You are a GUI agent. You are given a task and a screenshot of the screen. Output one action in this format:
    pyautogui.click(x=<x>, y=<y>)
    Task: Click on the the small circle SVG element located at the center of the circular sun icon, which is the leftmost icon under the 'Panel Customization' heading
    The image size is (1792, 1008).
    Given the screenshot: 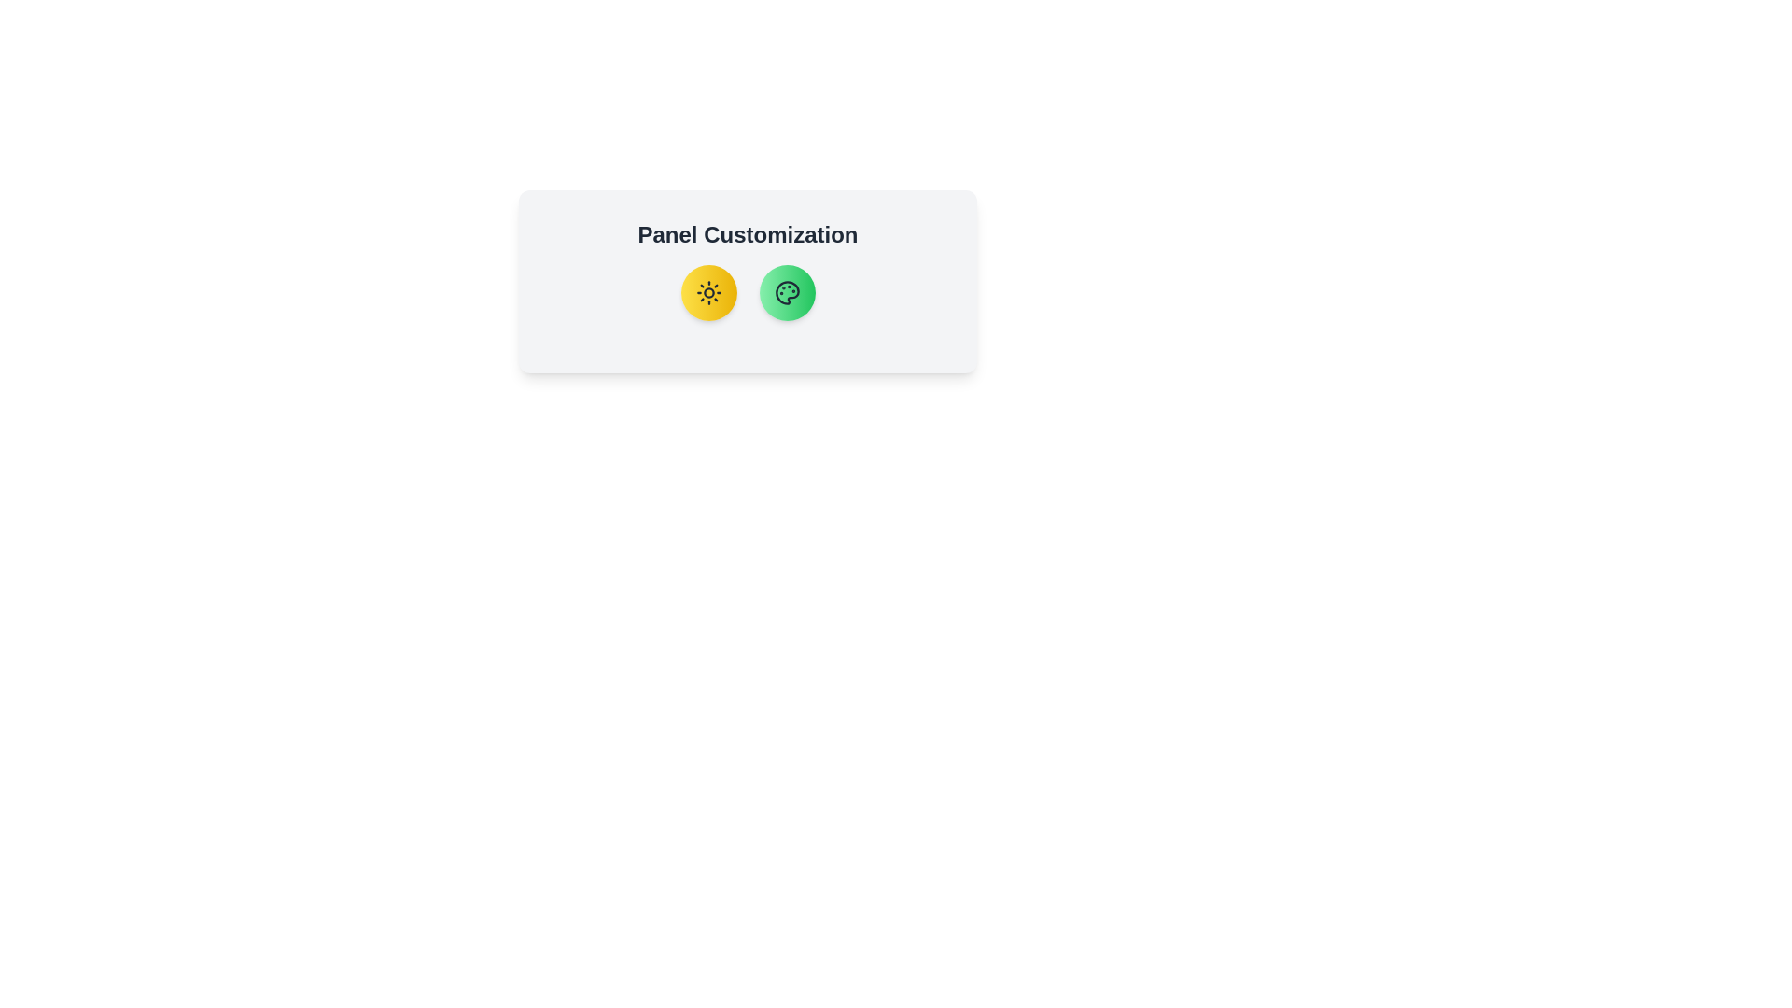 What is the action you would take?
    pyautogui.click(x=707, y=292)
    